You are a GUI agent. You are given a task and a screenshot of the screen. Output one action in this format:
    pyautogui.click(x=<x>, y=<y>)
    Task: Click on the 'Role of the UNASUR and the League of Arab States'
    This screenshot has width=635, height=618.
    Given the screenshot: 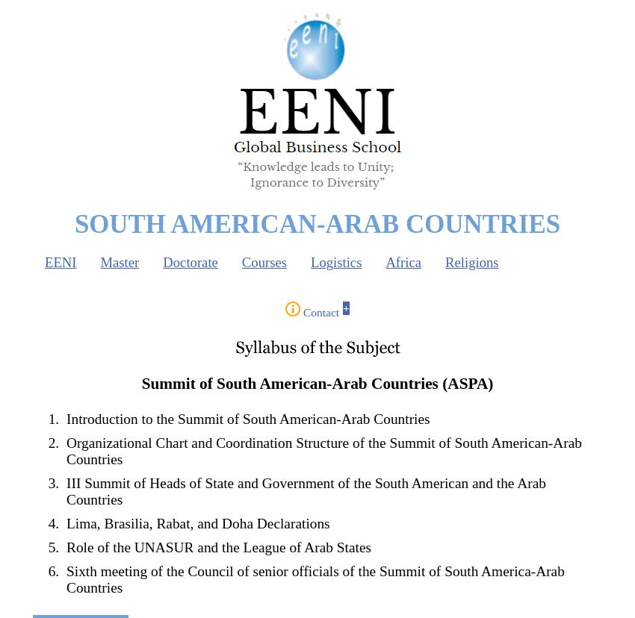 What is the action you would take?
    pyautogui.click(x=217, y=546)
    